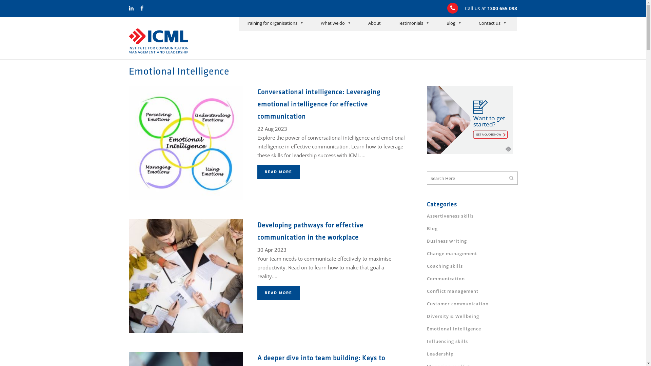 The width and height of the screenshot is (651, 366). I want to click on 'Training for organisations', so click(275, 23).